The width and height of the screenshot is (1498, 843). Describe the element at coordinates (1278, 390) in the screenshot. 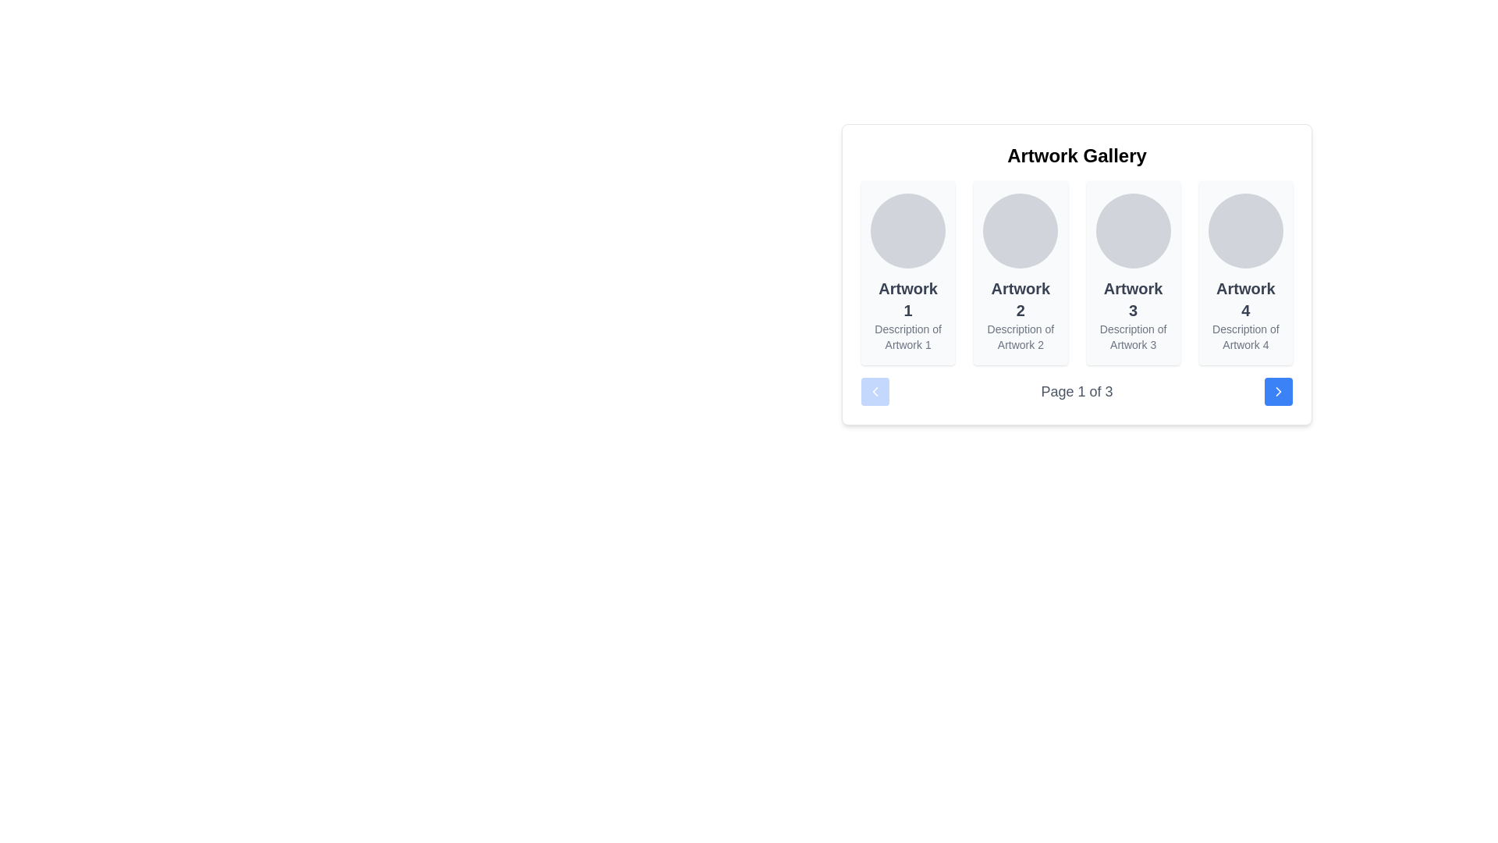

I see `the rightmost navigation button that allows moving to the next page in the paginated interface to observe the hover effect` at that location.